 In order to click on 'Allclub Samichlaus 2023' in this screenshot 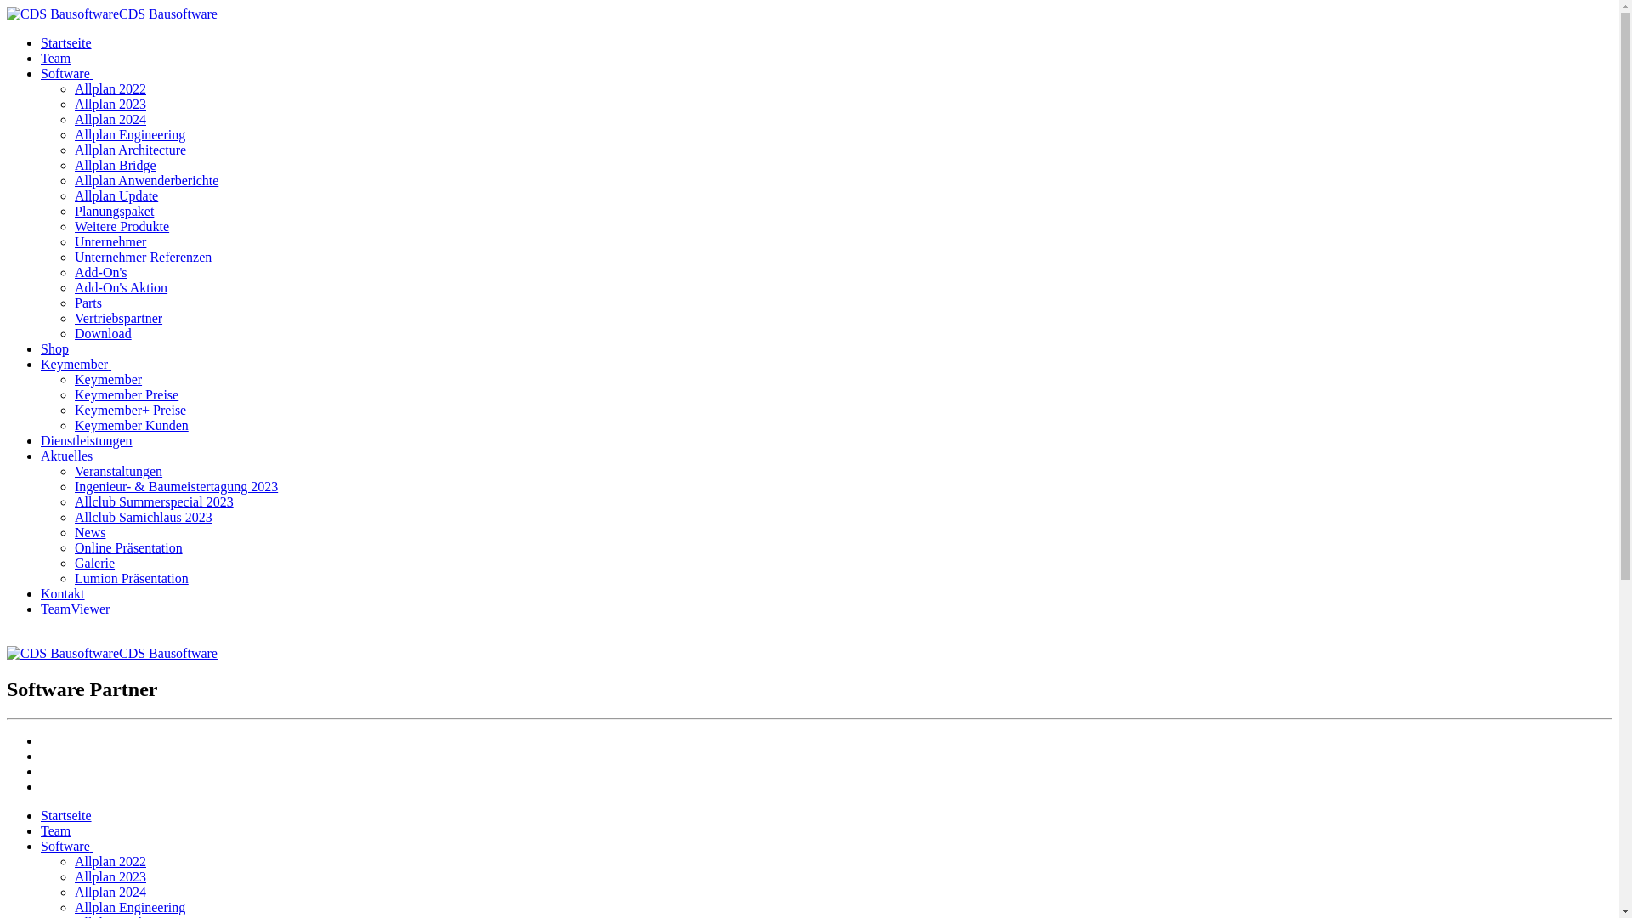, I will do `click(143, 516)`.